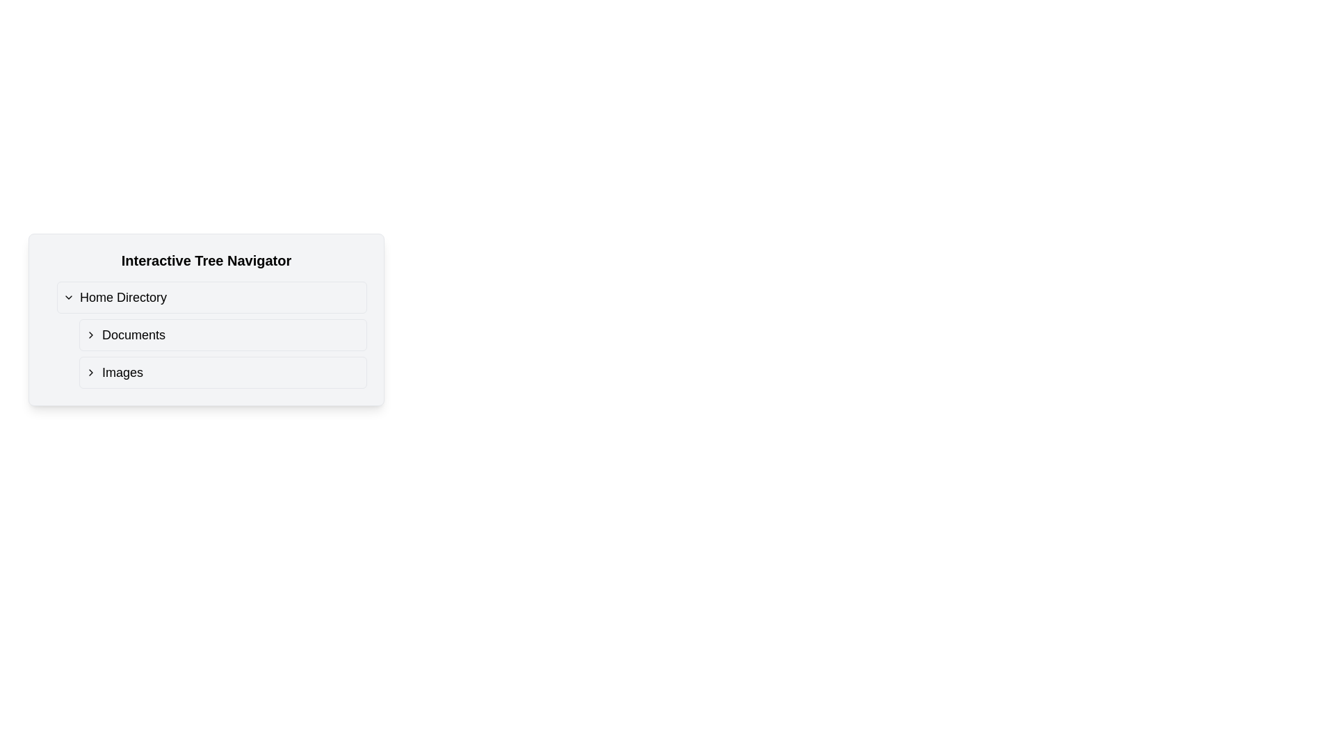 Image resolution: width=1335 pixels, height=751 pixels. What do you see at coordinates (206, 260) in the screenshot?
I see `the bold, large-font header text 'Interactive Tree Navigator' displayed against a light gray background, which serves as the title for the module` at bounding box center [206, 260].